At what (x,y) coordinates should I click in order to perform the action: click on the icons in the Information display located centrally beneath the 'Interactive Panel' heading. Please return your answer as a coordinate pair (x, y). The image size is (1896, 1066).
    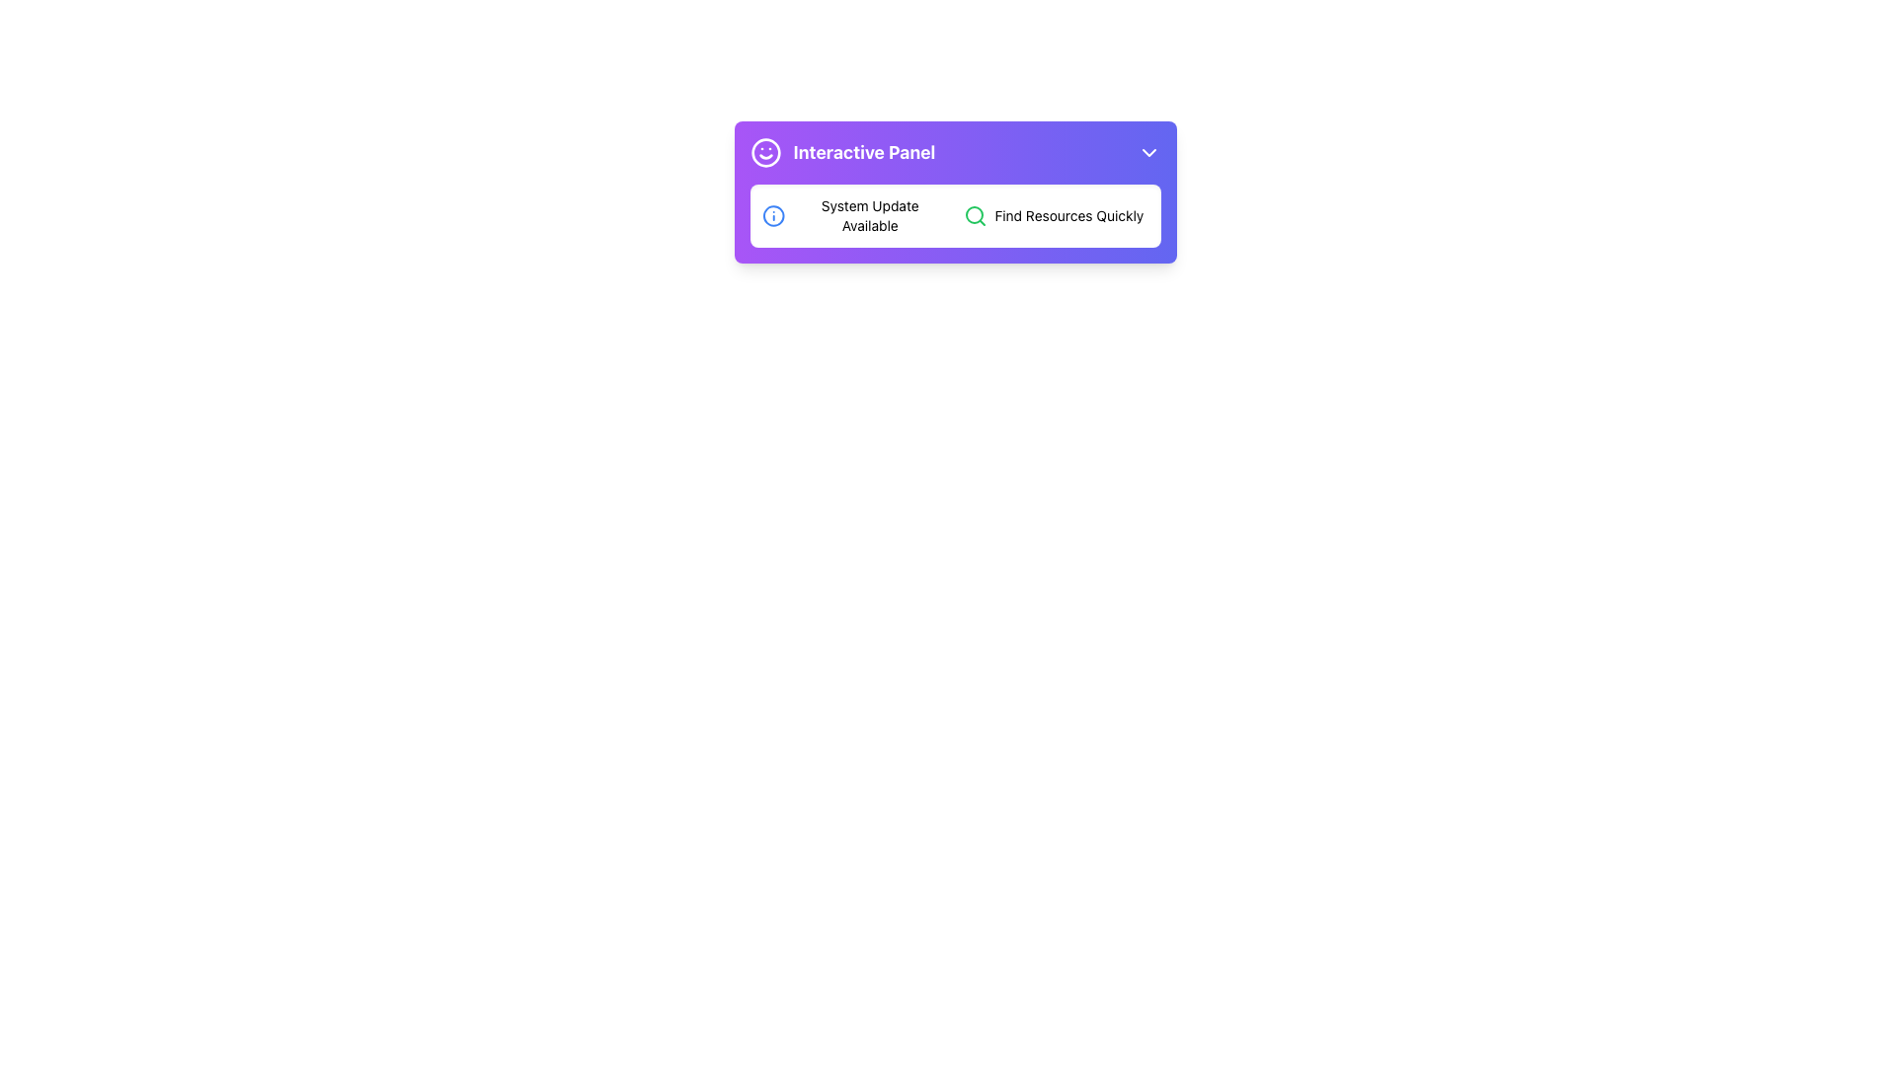
    Looking at the image, I should click on (955, 216).